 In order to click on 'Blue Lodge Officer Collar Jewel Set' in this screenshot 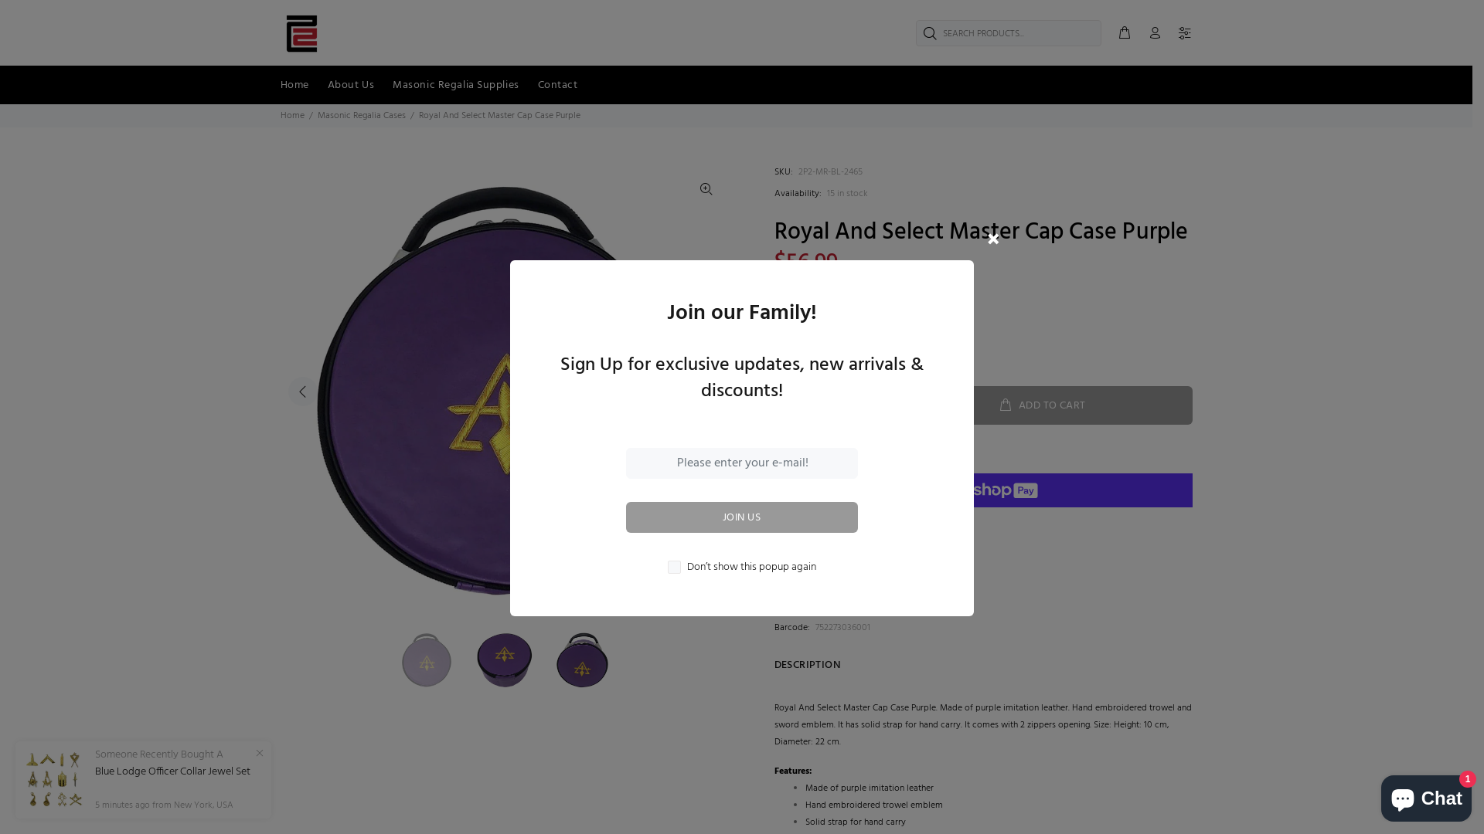, I will do `click(172, 771)`.